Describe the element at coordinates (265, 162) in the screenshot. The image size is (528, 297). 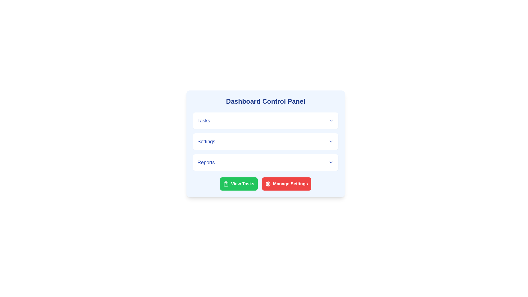
I see `the dropdown trigger button for 'Reports' located in the Dashboard Control Panel, positioned below 'Settings' and above 'View Tasks'` at that location.